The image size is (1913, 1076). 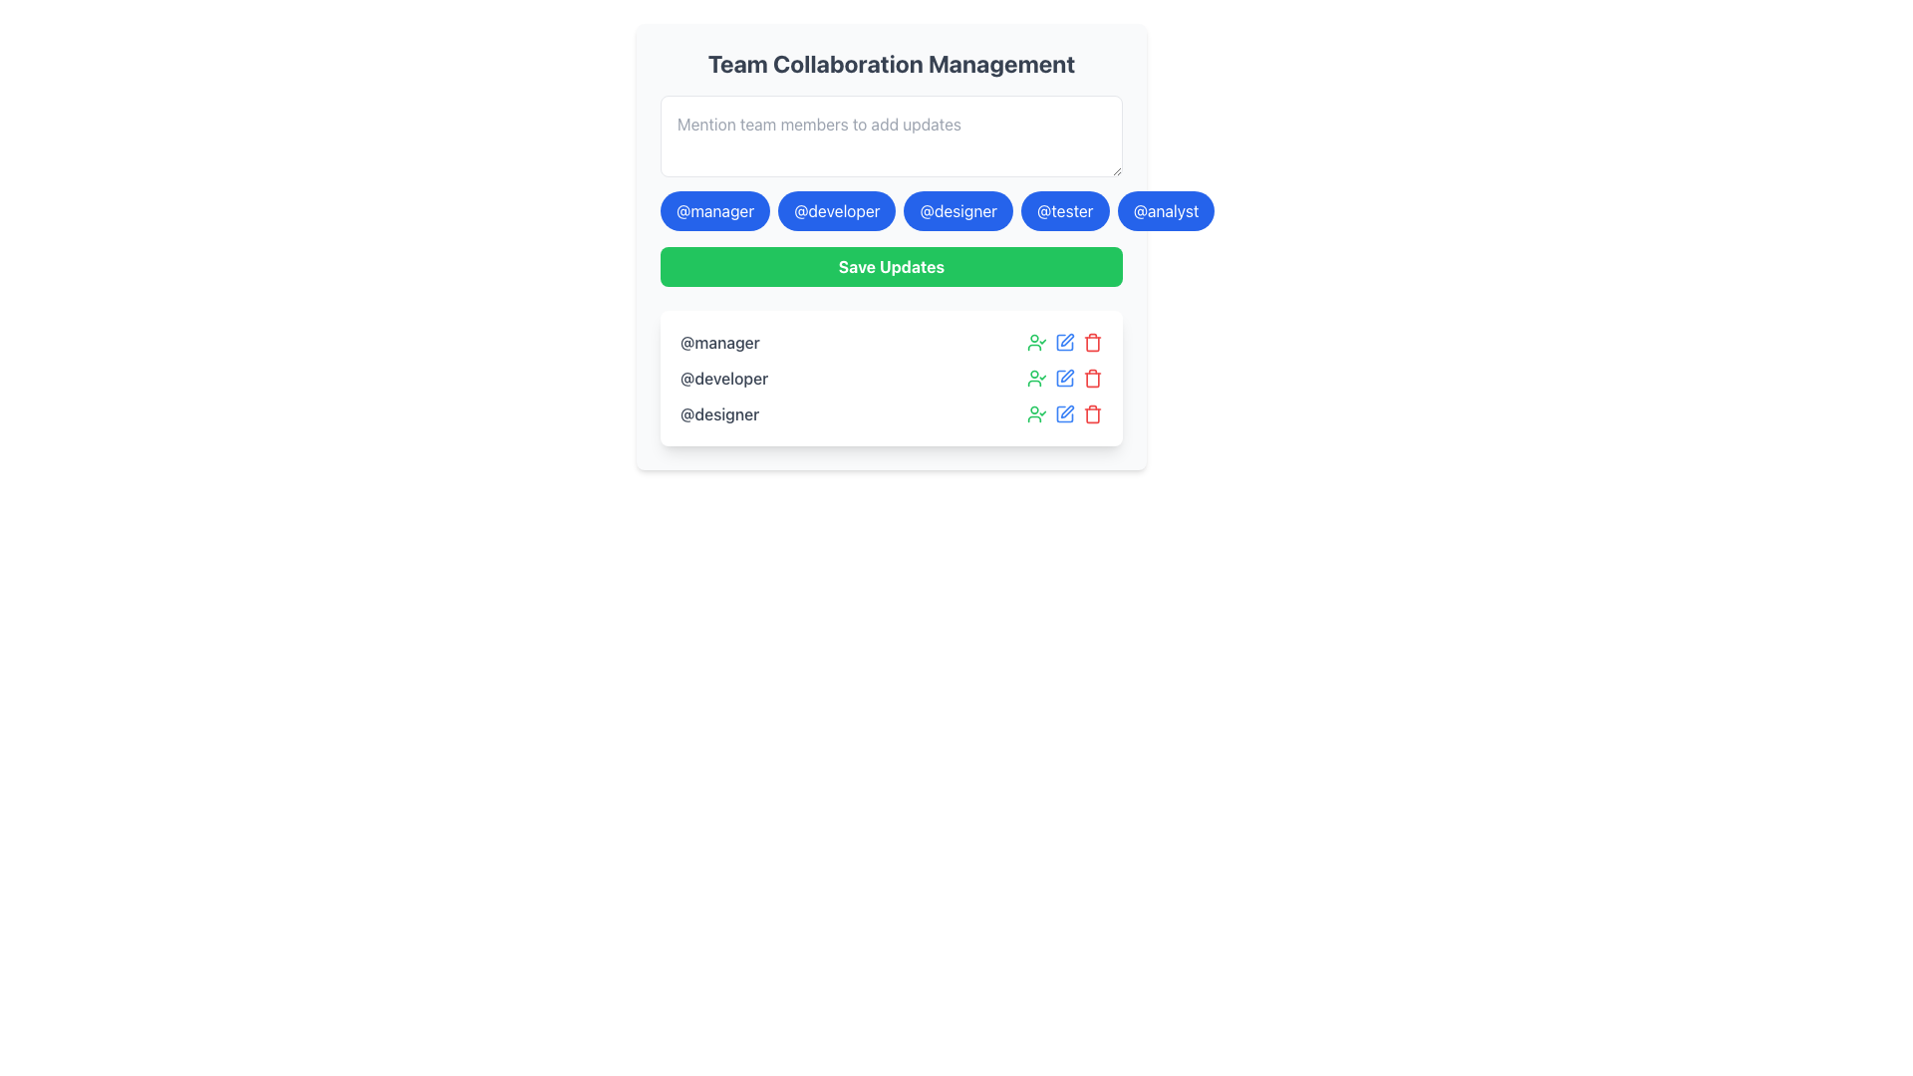 What do you see at coordinates (1065, 338) in the screenshot?
I see `the second icon from the right in the horizontal icon set representing an editing function for the '@manager' entry` at bounding box center [1065, 338].